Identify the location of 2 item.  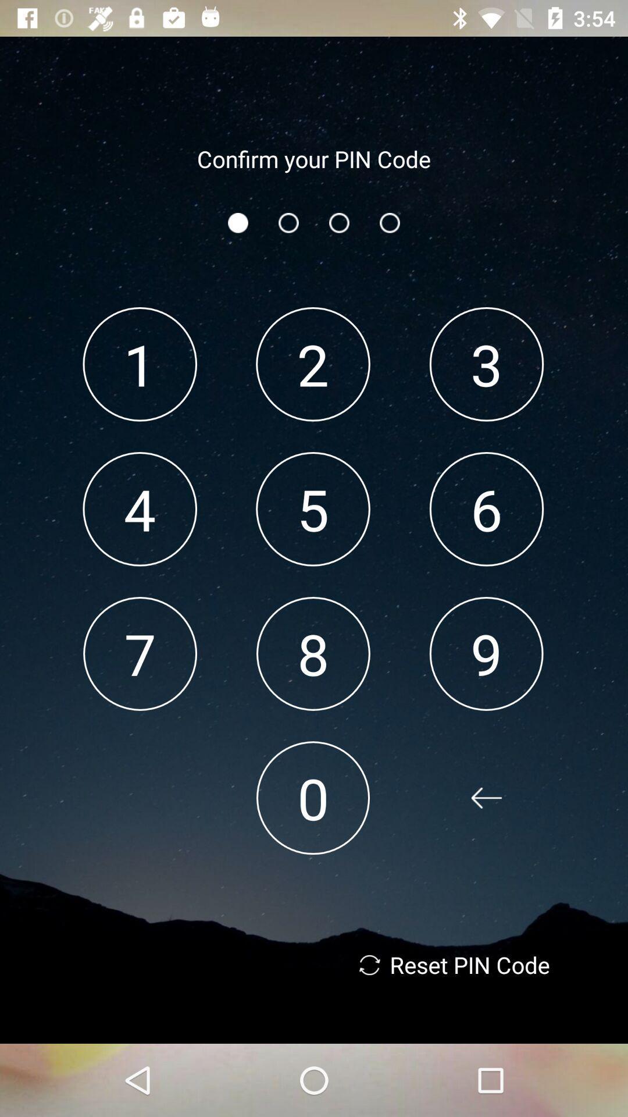
(312, 364).